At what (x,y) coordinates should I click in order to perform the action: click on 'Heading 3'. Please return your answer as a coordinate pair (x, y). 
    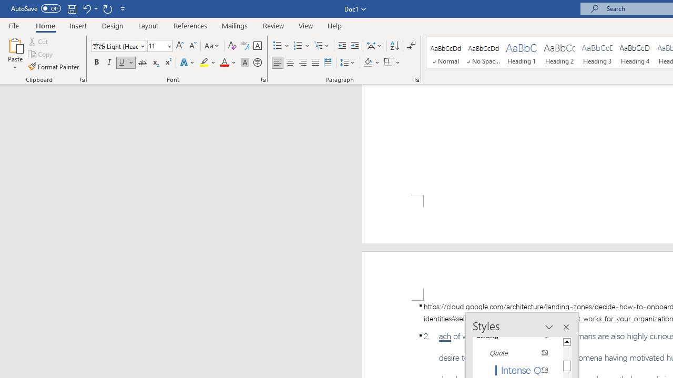
    Looking at the image, I should click on (597, 52).